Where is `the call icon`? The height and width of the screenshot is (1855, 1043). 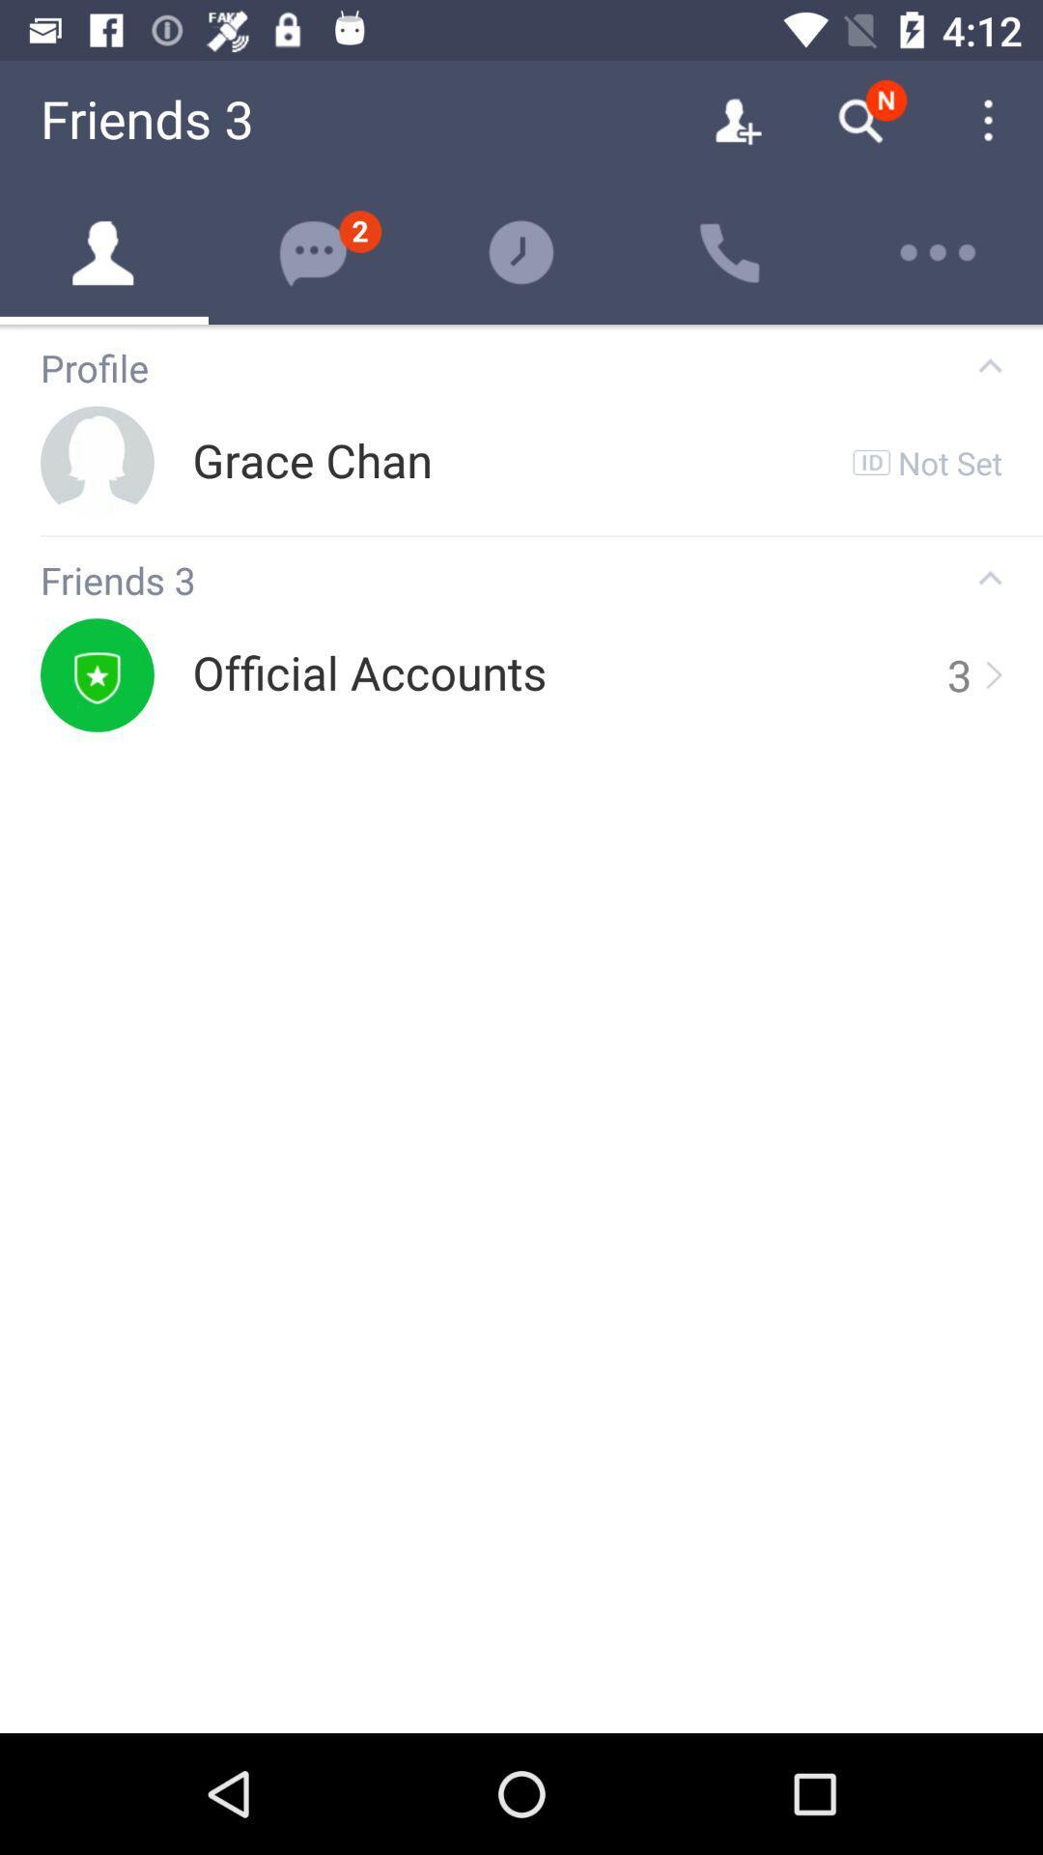
the call icon is located at coordinates (730, 252).